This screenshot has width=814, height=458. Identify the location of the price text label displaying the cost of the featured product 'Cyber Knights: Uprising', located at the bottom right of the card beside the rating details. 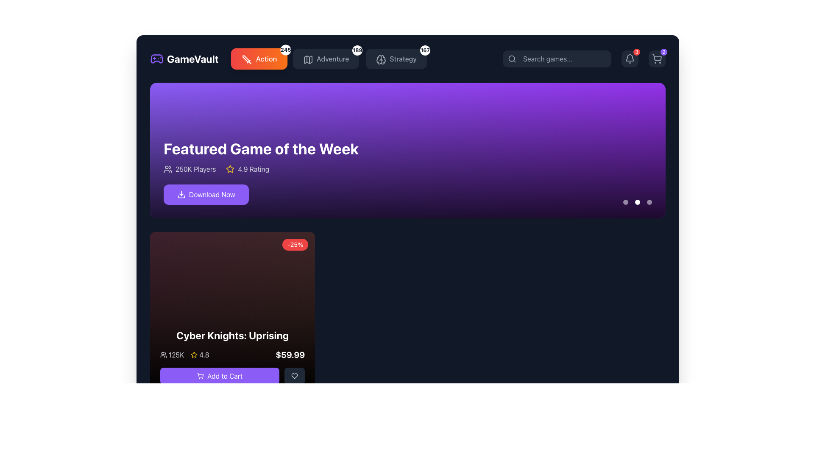
(290, 355).